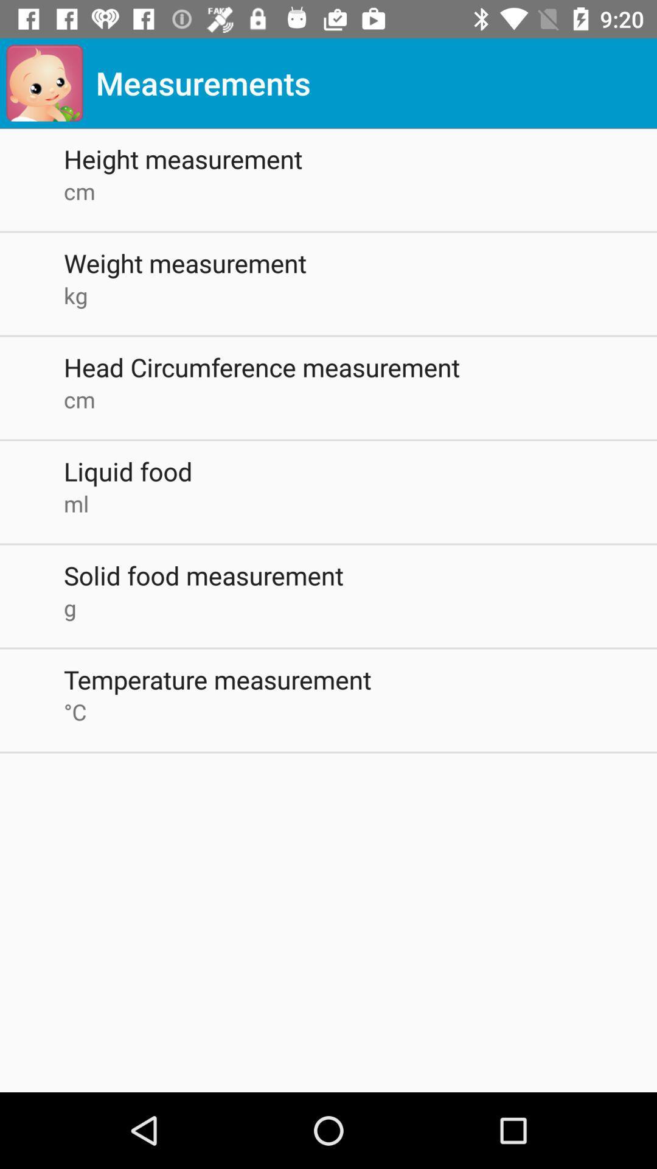  What do you see at coordinates (360, 367) in the screenshot?
I see `icon below kg icon` at bounding box center [360, 367].